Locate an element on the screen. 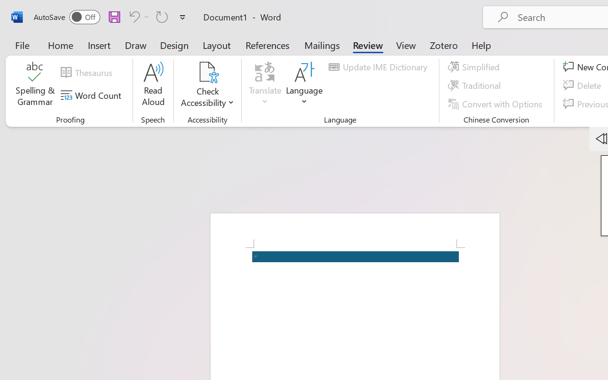  'Convert with Options...' is located at coordinates (496, 104).